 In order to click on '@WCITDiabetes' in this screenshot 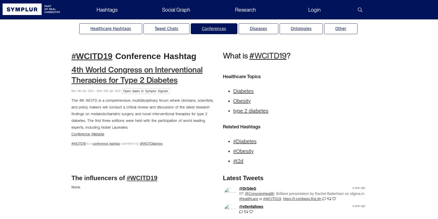, I will do `click(151, 143)`.